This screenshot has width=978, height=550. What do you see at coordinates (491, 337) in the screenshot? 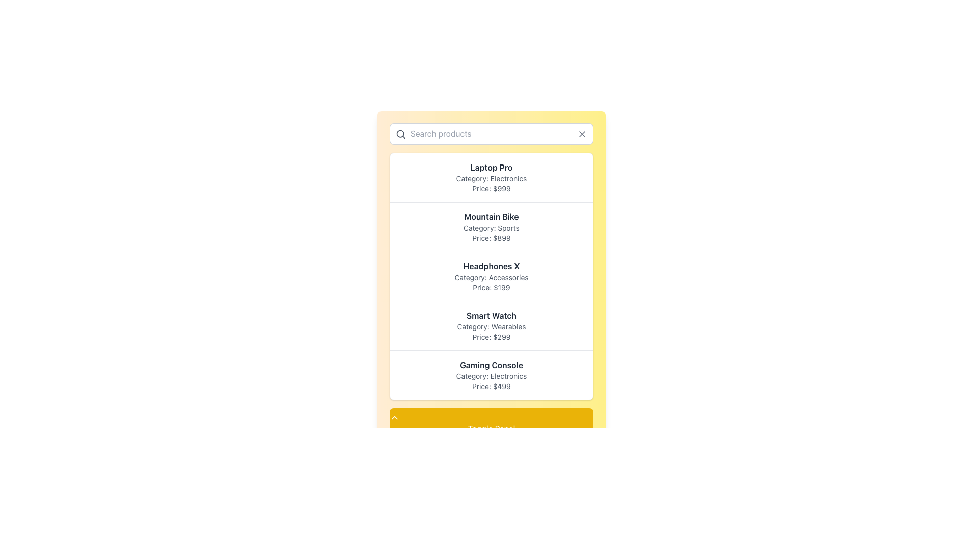
I see `the text component displaying 'Price: $299', which is located below the 'Category: Wearables' text in the product details of the 'Smart Watch'` at bounding box center [491, 337].